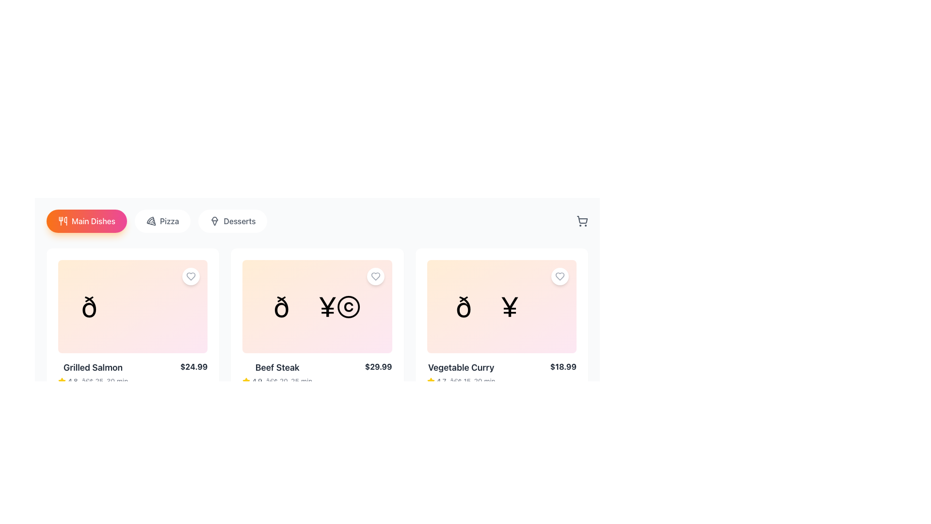 This screenshot has width=931, height=524. I want to click on the rating value displayed in the text label showing '4.8', which is styled in gray and positioned to the right of the yellow star icon, so click(72, 381).